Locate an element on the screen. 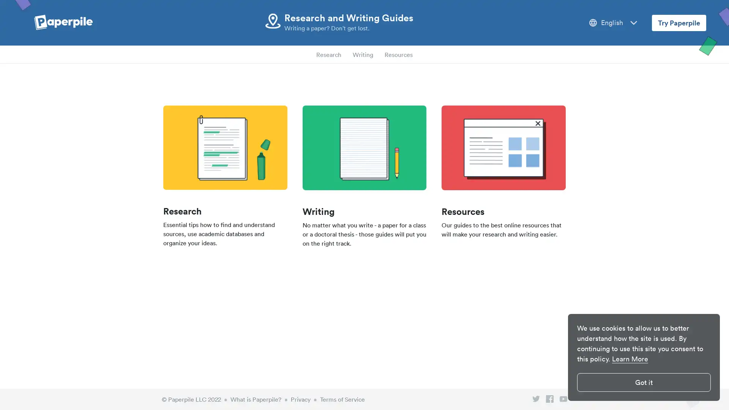 The width and height of the screenshot is (729, 410). Try Paperpile is located at coordinates (679, 22).